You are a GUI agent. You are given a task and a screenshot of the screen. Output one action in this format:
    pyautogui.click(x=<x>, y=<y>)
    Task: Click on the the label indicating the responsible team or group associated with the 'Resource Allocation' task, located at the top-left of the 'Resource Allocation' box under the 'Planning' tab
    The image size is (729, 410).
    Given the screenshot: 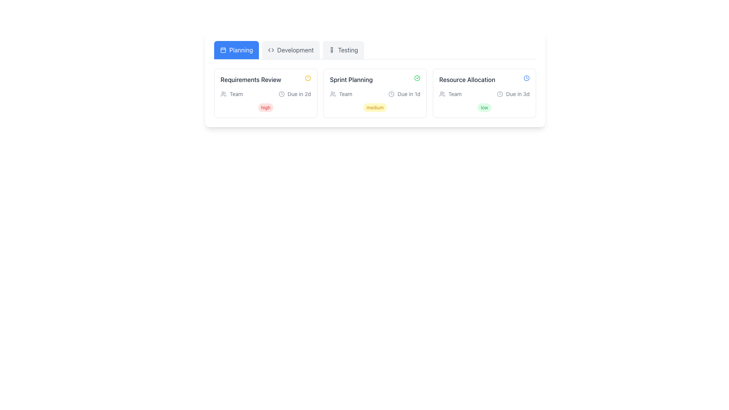 What is the action you would take?
    pyautogui.click(x=450, y=93)
    